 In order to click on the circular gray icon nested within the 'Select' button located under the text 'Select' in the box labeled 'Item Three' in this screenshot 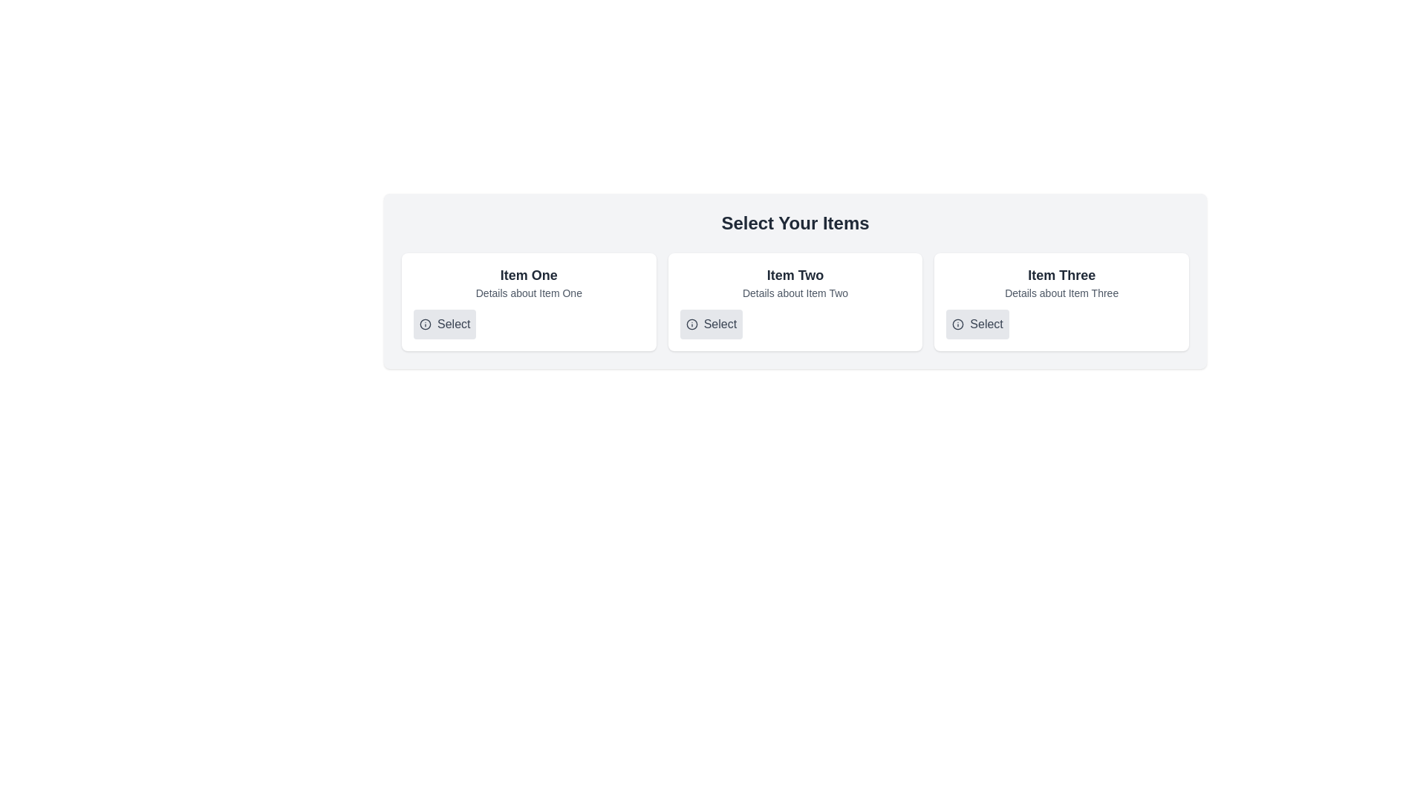, I will do `click(958, 323)`.